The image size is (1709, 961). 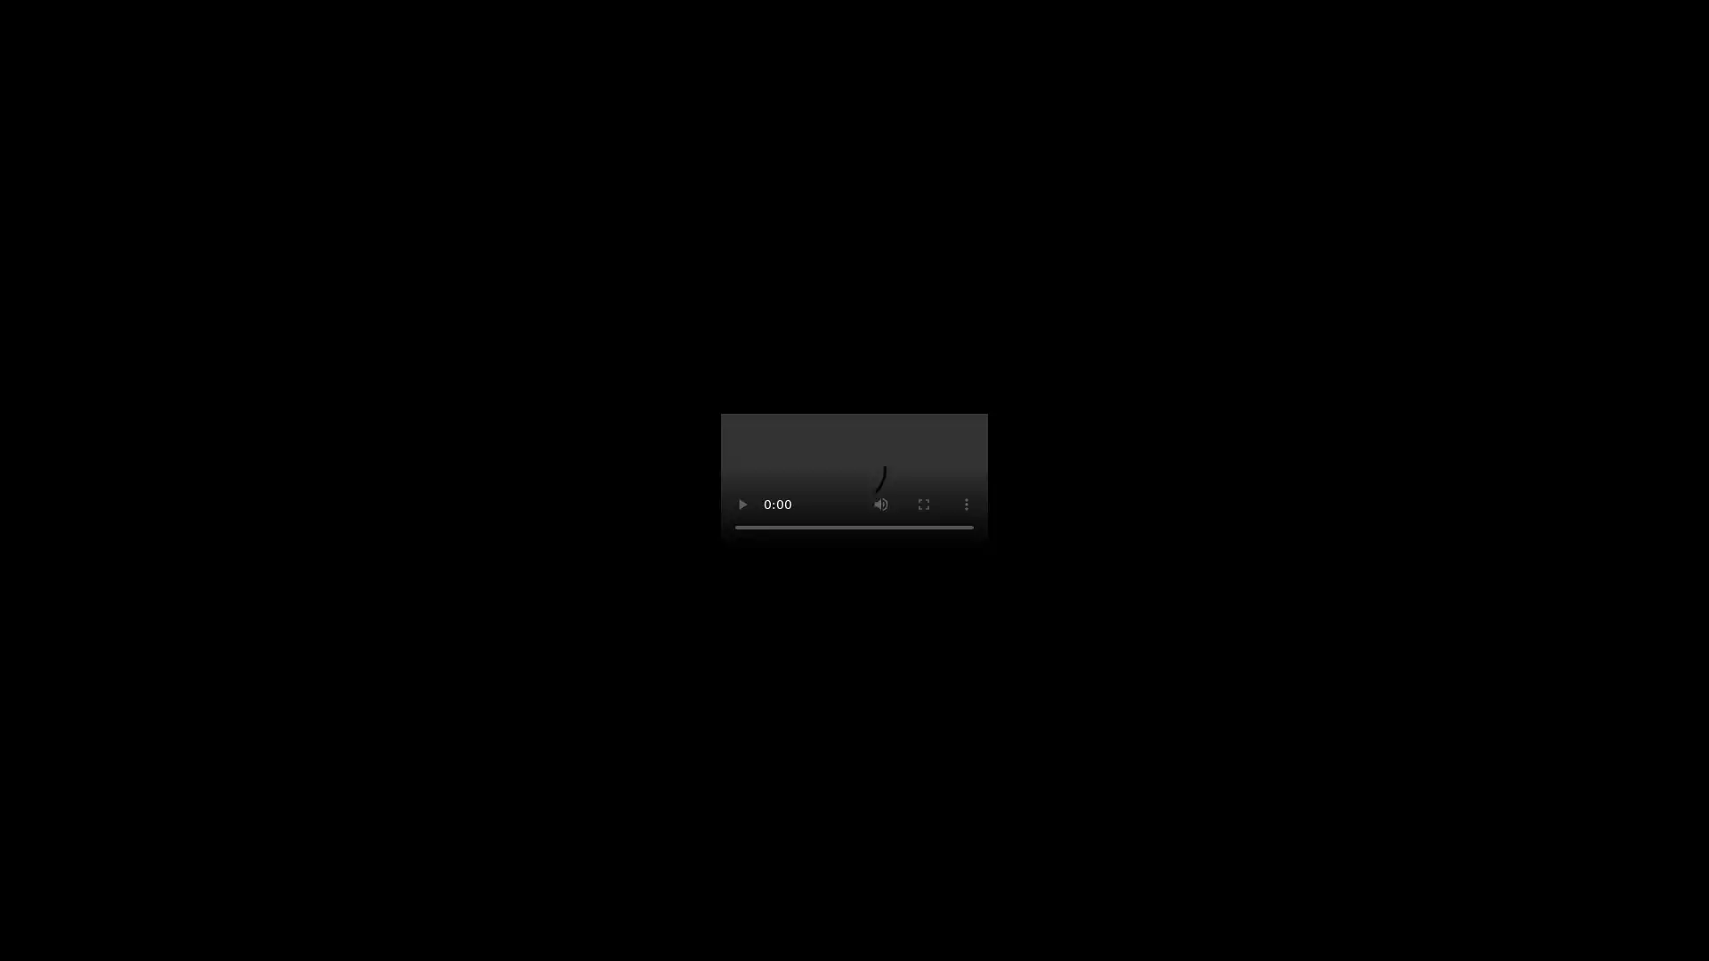 I want to click on mute, so click(x=880, y=505).